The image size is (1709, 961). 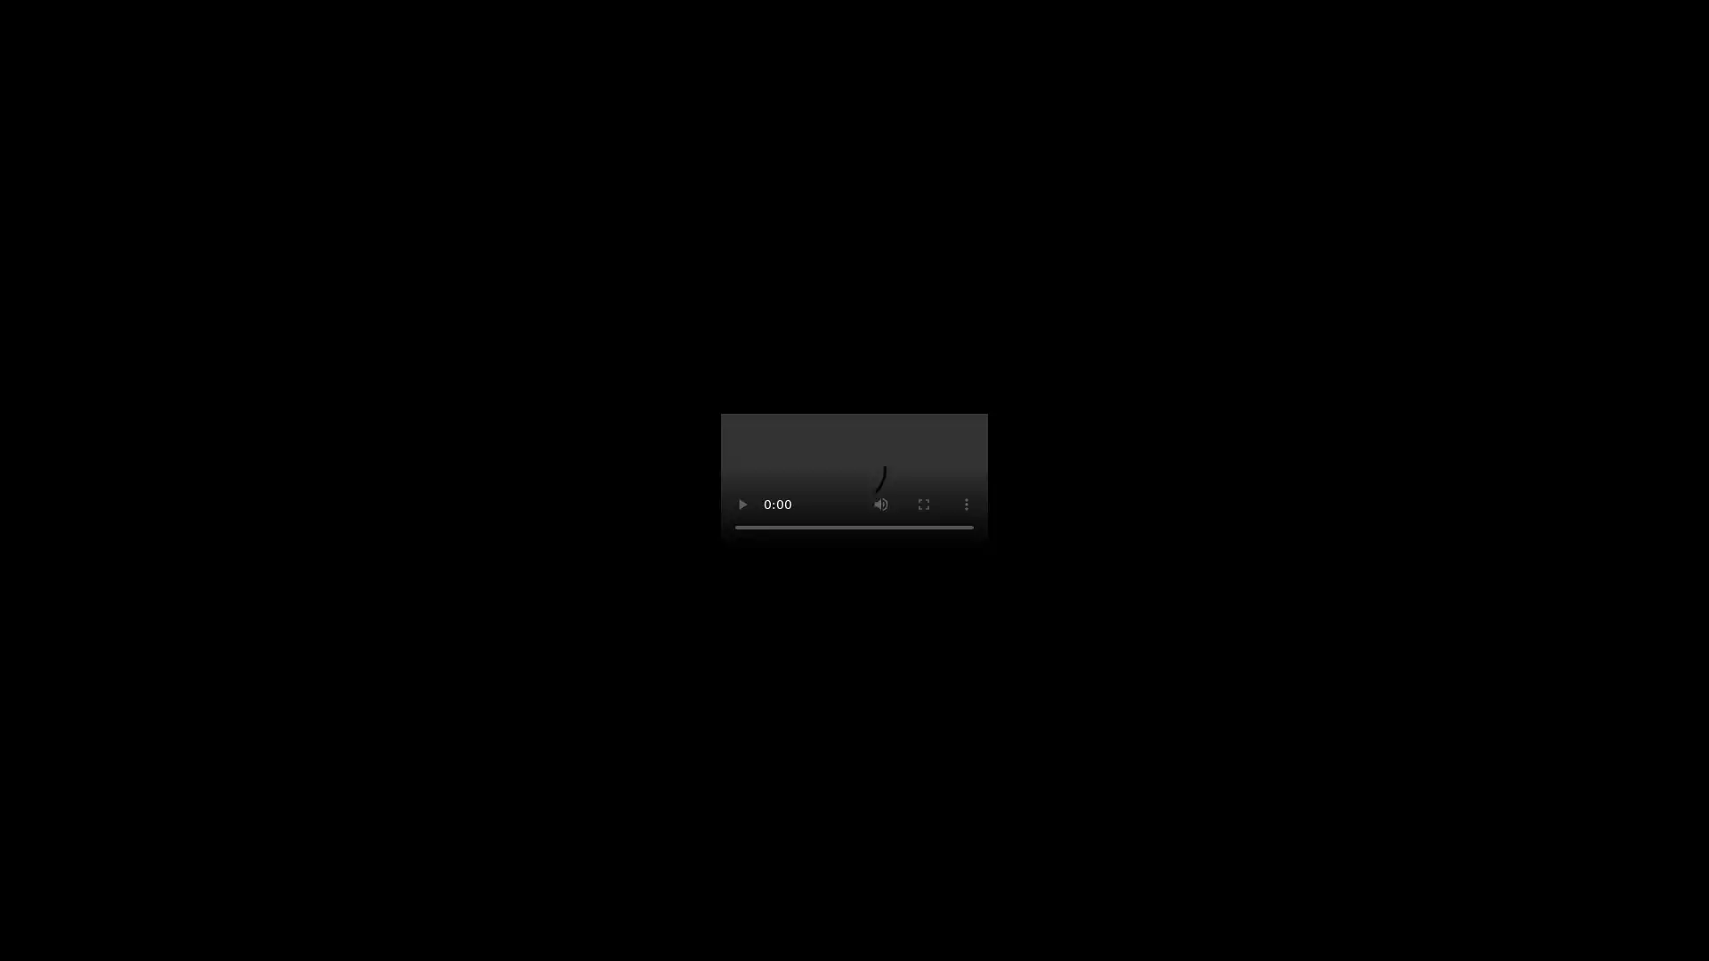 I want to click on mute, so click(x=880, y=505).